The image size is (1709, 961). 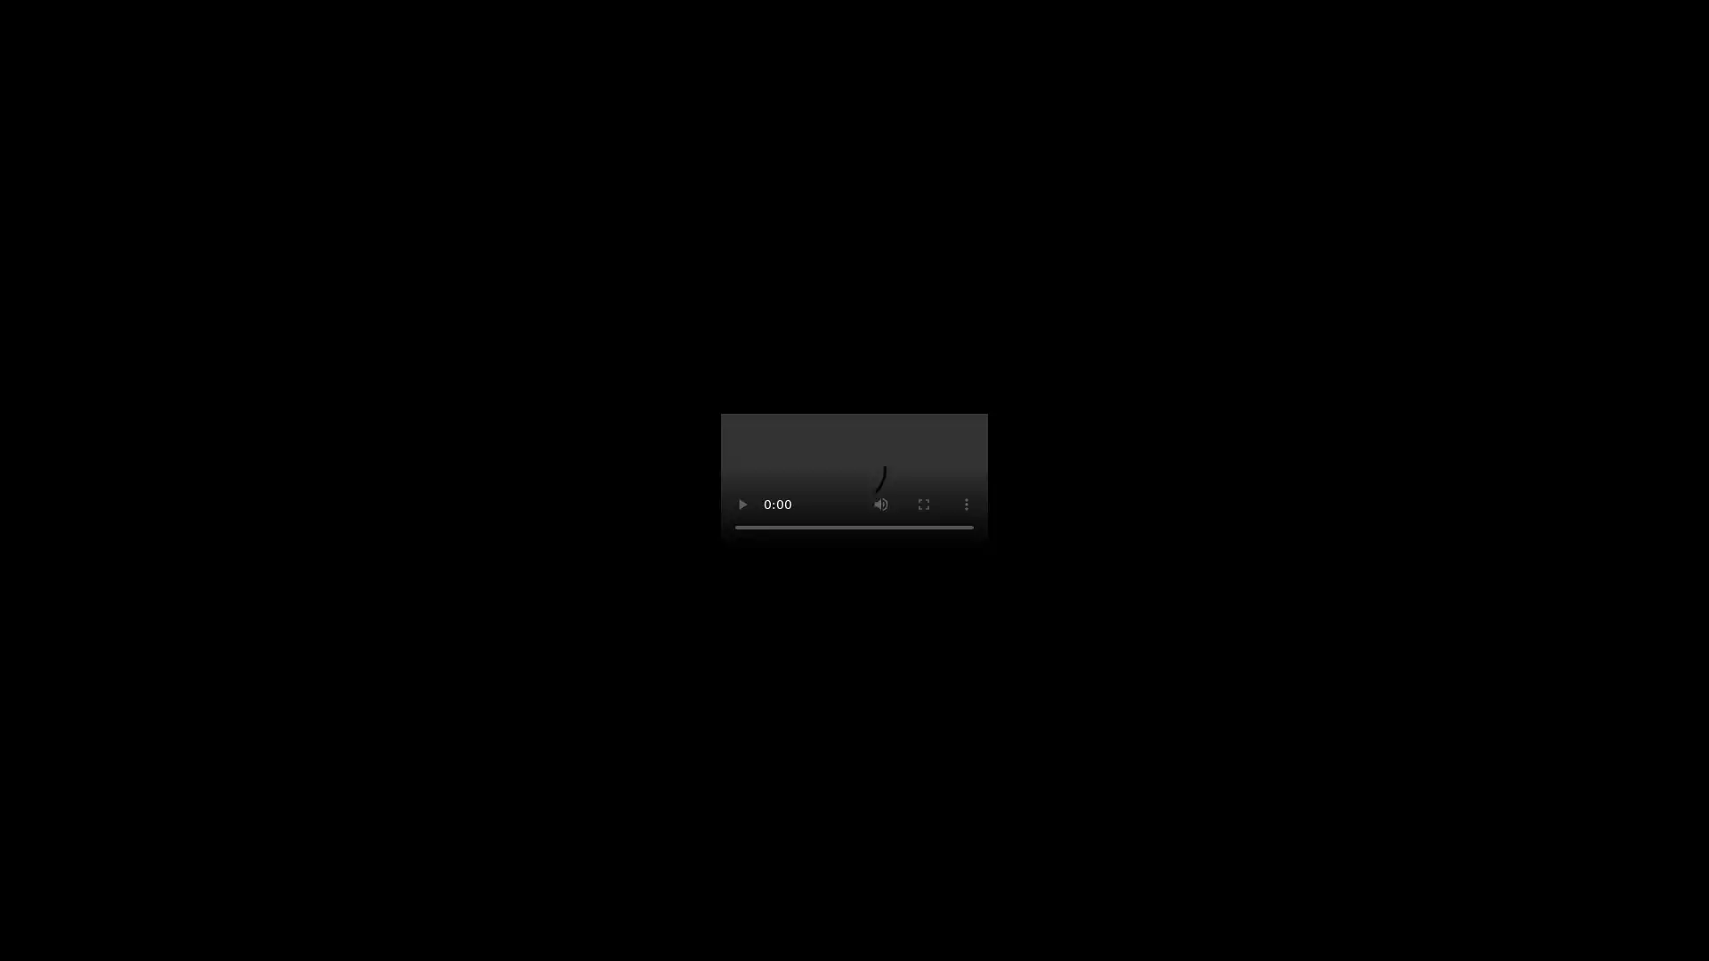 I want to click on mute, so click(x=880, y=505).